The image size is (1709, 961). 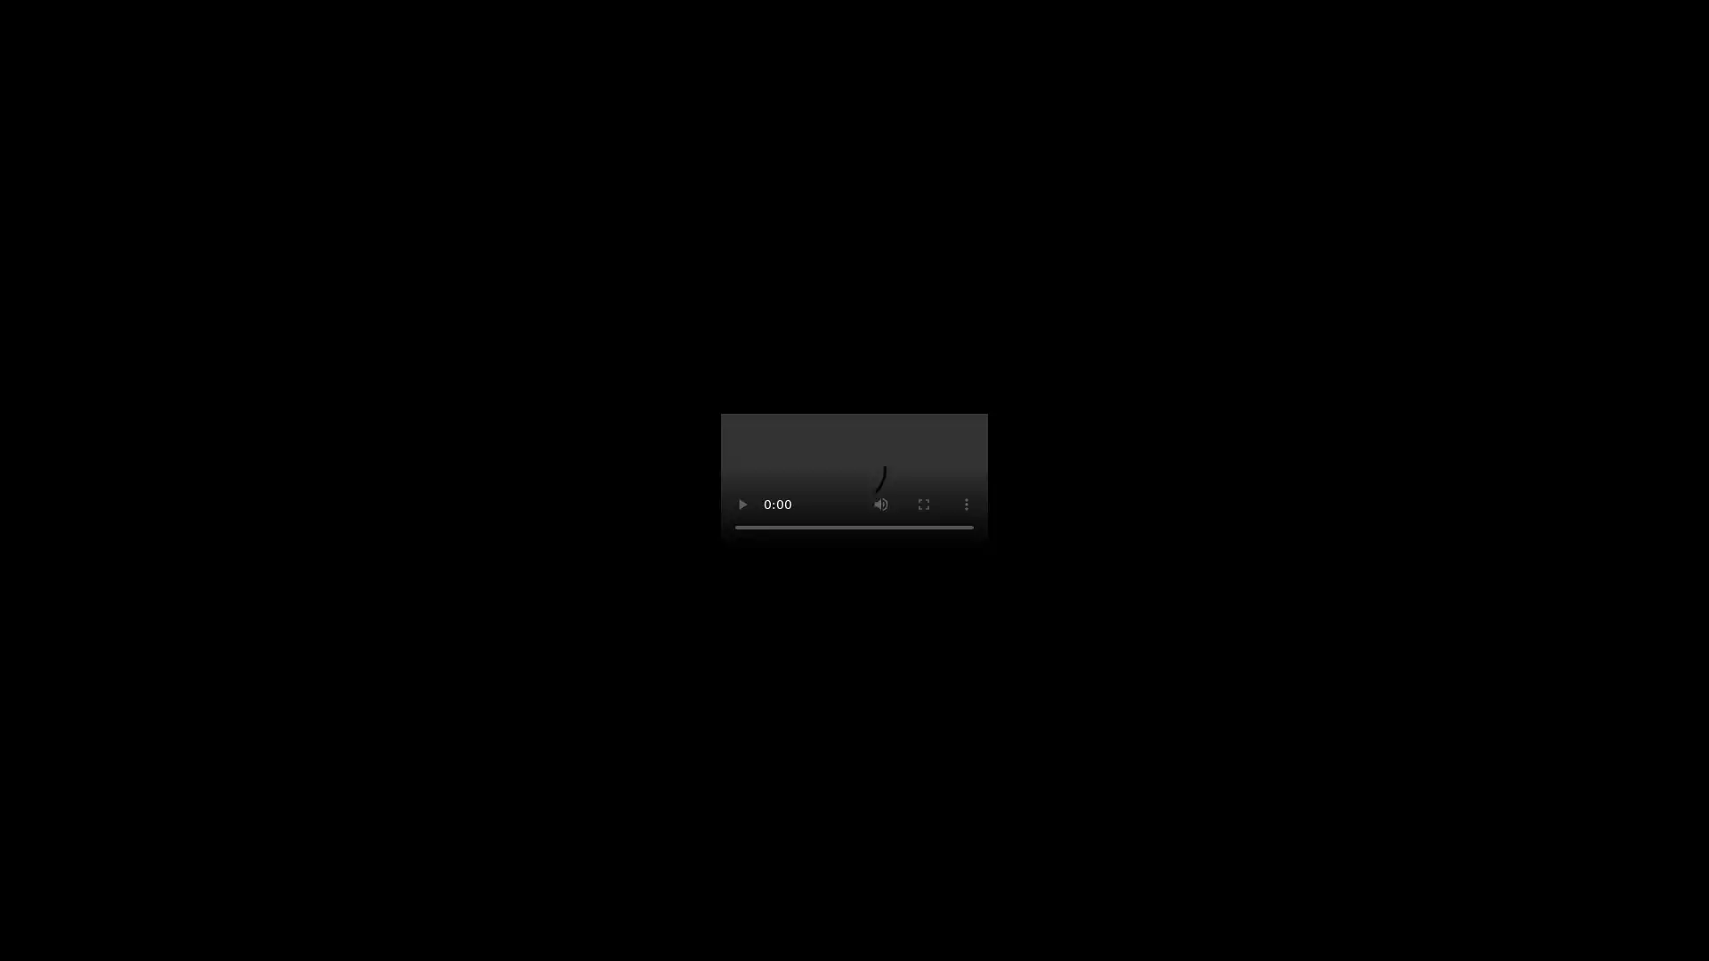 I want to click on mute, so click(x=880, y=505).